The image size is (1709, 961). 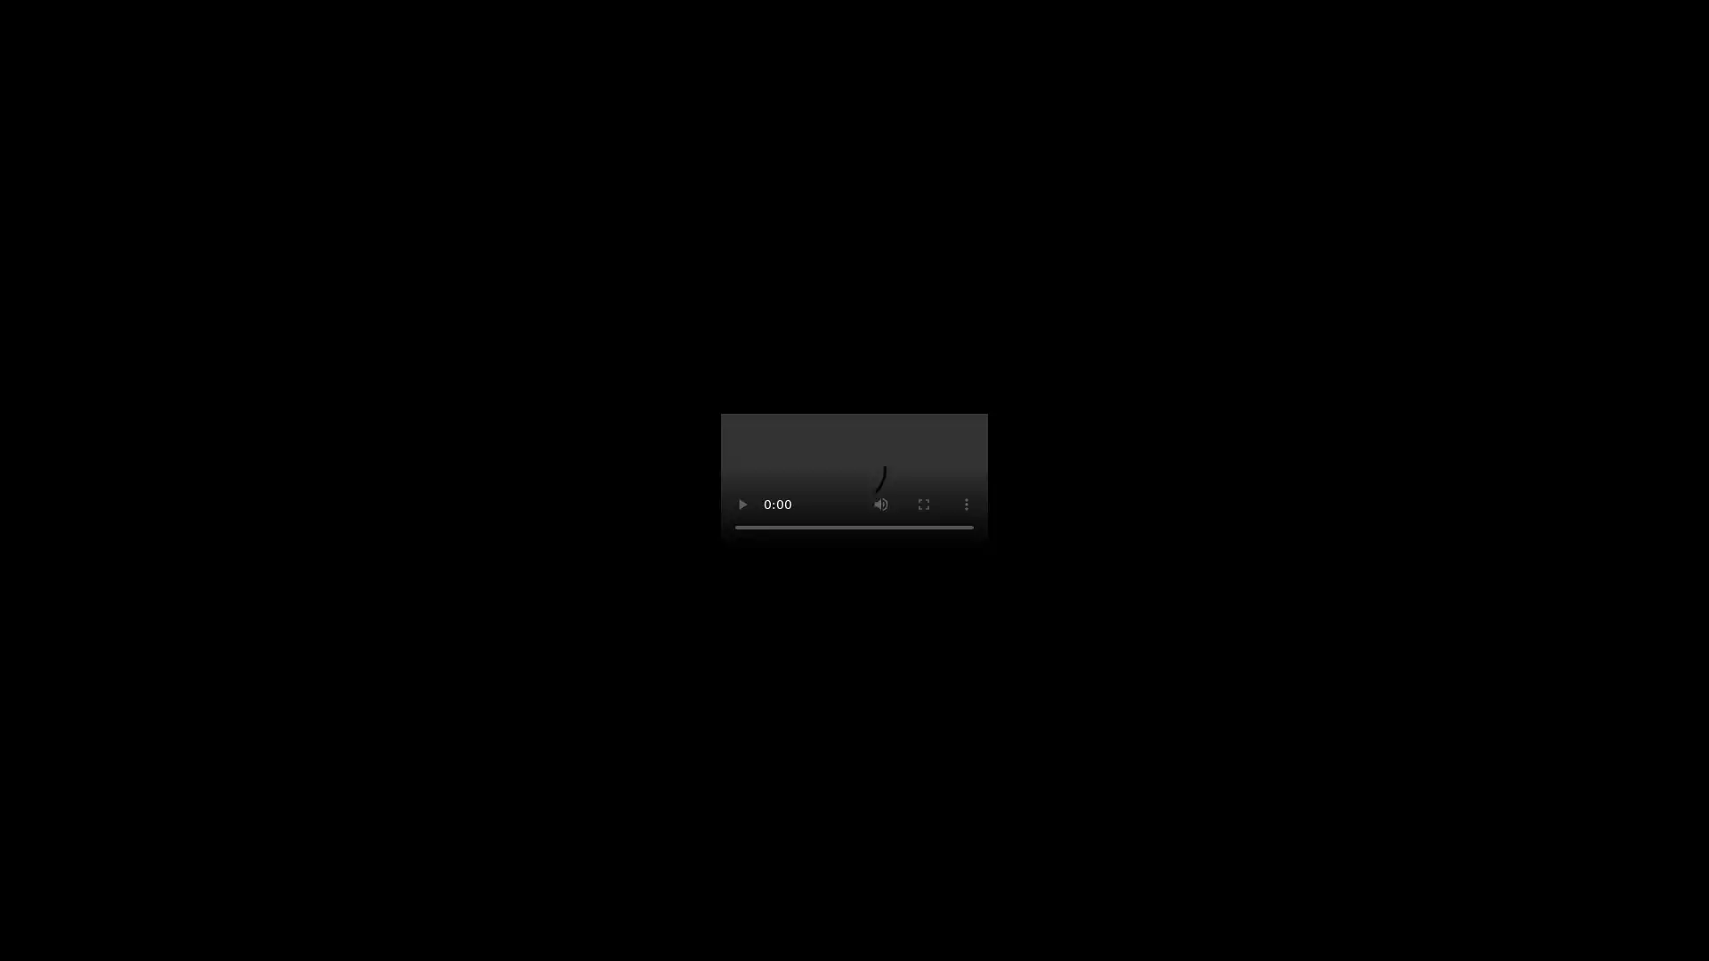 I want to click on mute, so click(x=880, y=505).